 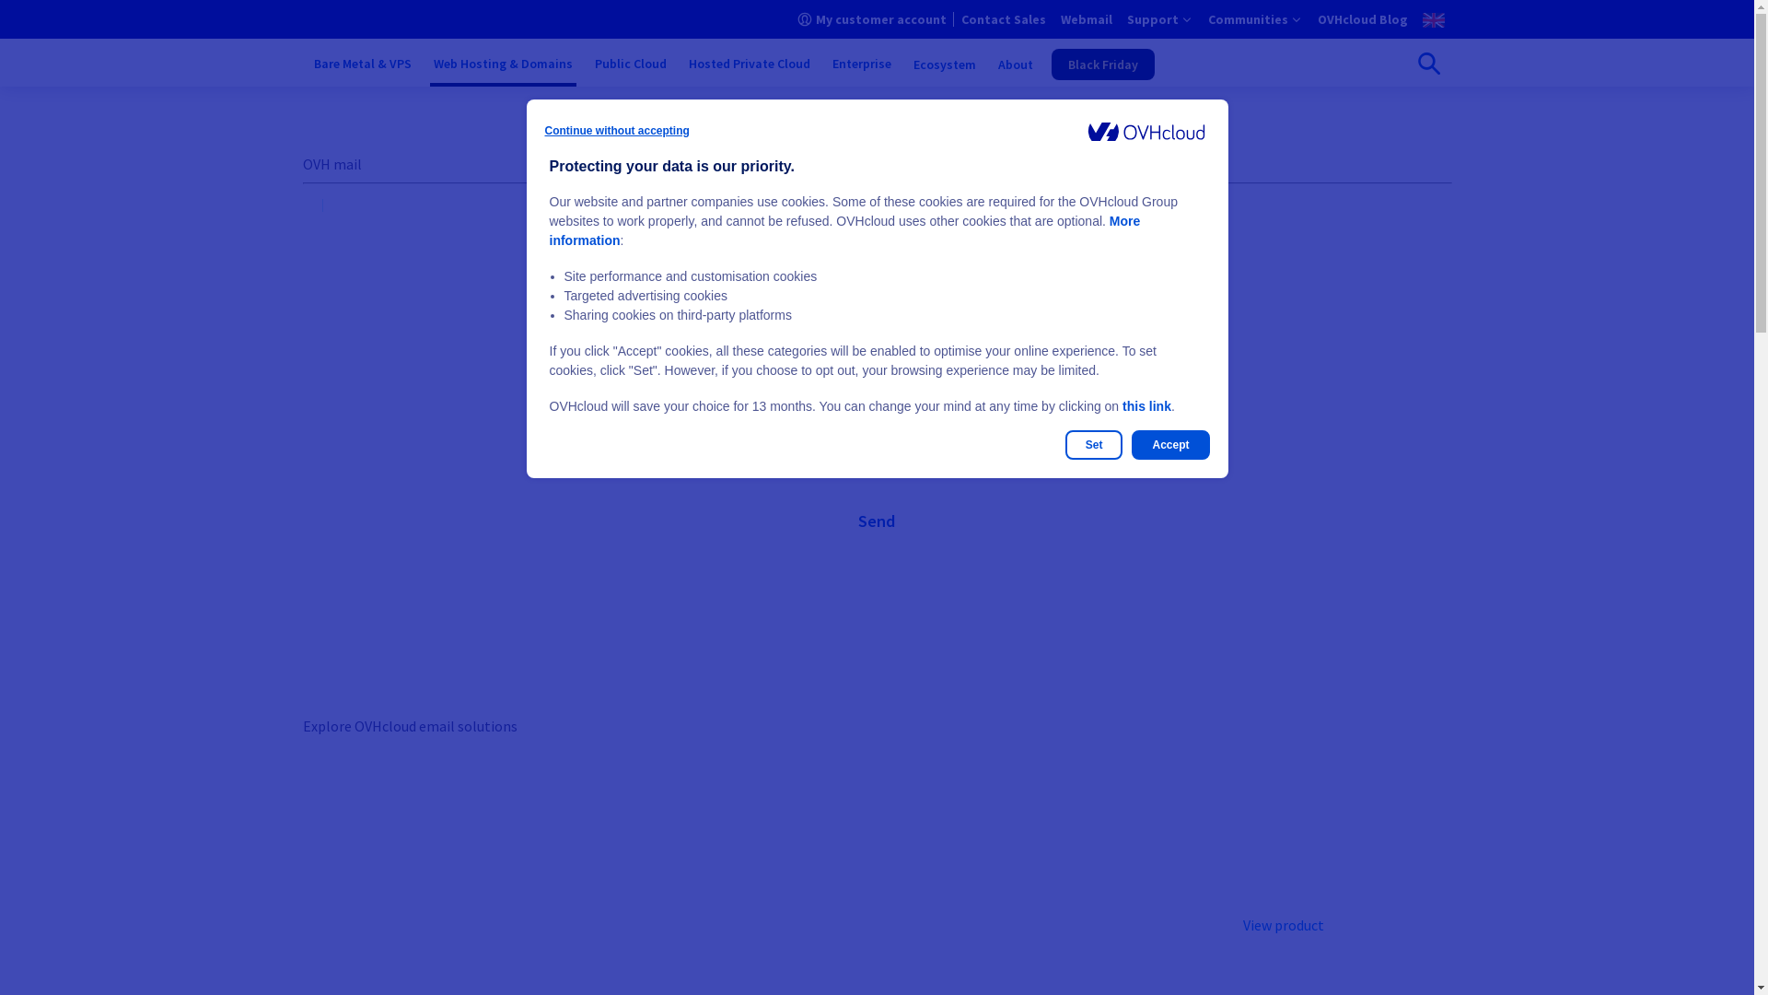 I want to click on 'Open search bar', so click(x=1426, y=63).